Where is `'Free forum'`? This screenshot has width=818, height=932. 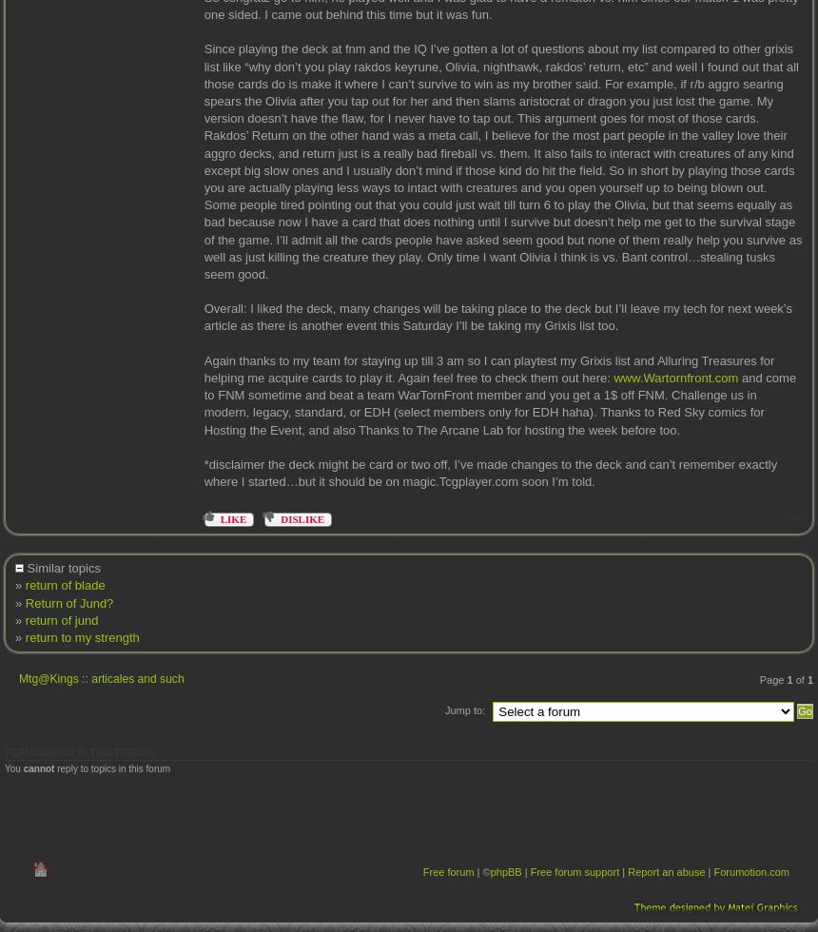
'Free forum' is located at coordinates (448, 871).